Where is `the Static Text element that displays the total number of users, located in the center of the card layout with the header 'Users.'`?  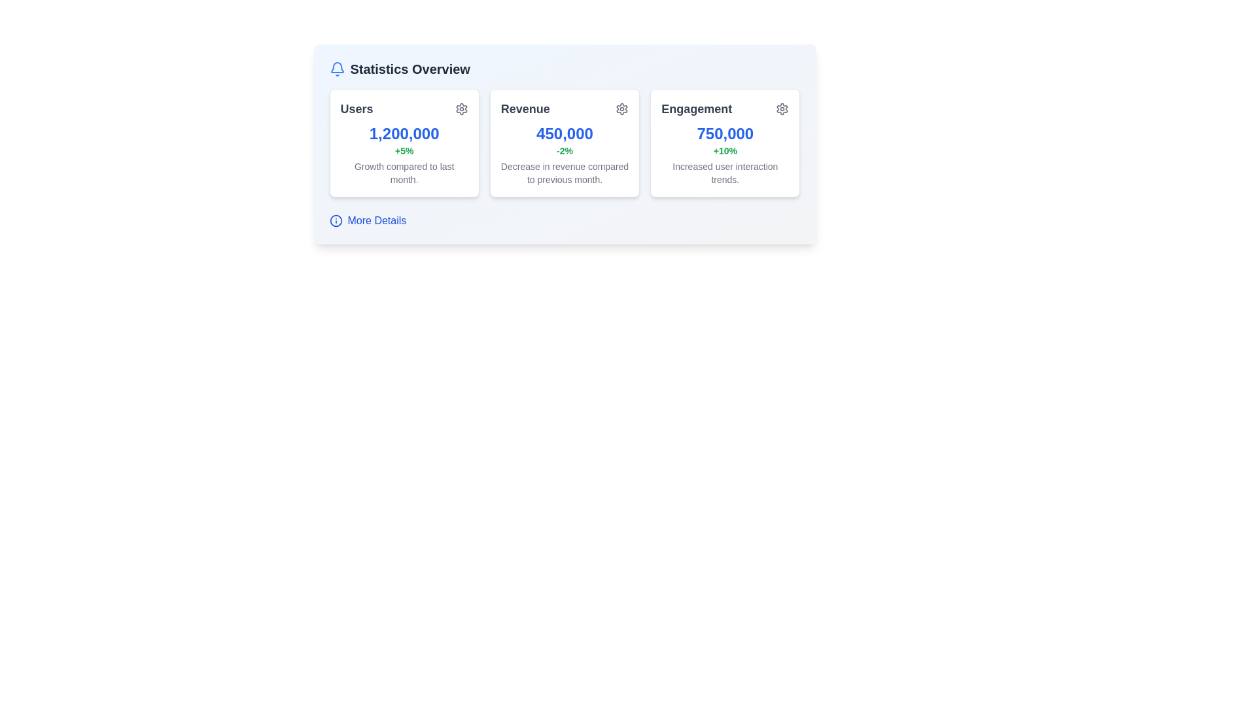 the Static Text element that displays the total number of users, located in the center of the card layout with the header 'Users.' is located at coordinates (404, 133).